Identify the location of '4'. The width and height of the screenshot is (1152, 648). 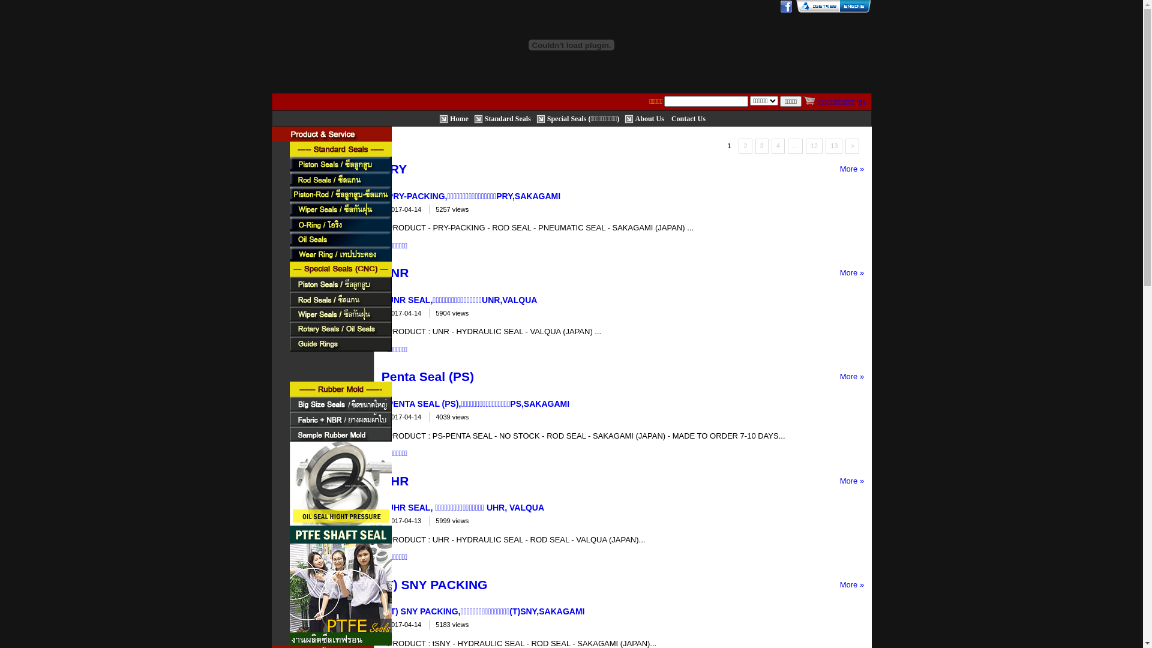
(778, 145).